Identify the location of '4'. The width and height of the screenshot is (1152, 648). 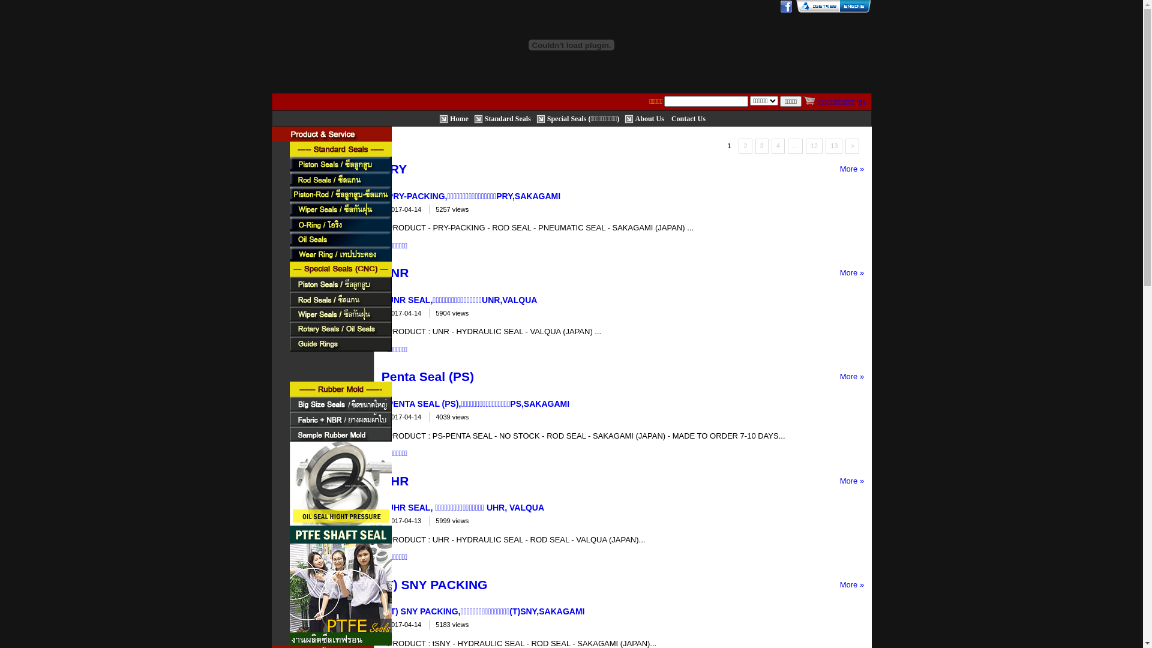
(778, 145).